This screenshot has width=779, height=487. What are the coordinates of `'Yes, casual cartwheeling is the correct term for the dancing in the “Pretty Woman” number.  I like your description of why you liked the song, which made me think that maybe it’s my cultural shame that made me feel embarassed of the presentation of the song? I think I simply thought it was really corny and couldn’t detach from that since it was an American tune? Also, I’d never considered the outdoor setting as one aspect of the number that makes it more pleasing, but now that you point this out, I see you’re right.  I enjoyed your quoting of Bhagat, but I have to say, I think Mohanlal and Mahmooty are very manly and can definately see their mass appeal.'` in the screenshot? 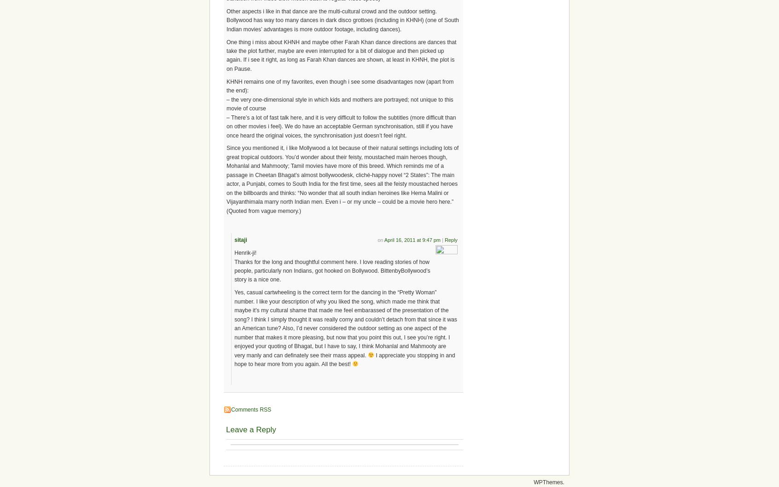 It's located at (345, 324).